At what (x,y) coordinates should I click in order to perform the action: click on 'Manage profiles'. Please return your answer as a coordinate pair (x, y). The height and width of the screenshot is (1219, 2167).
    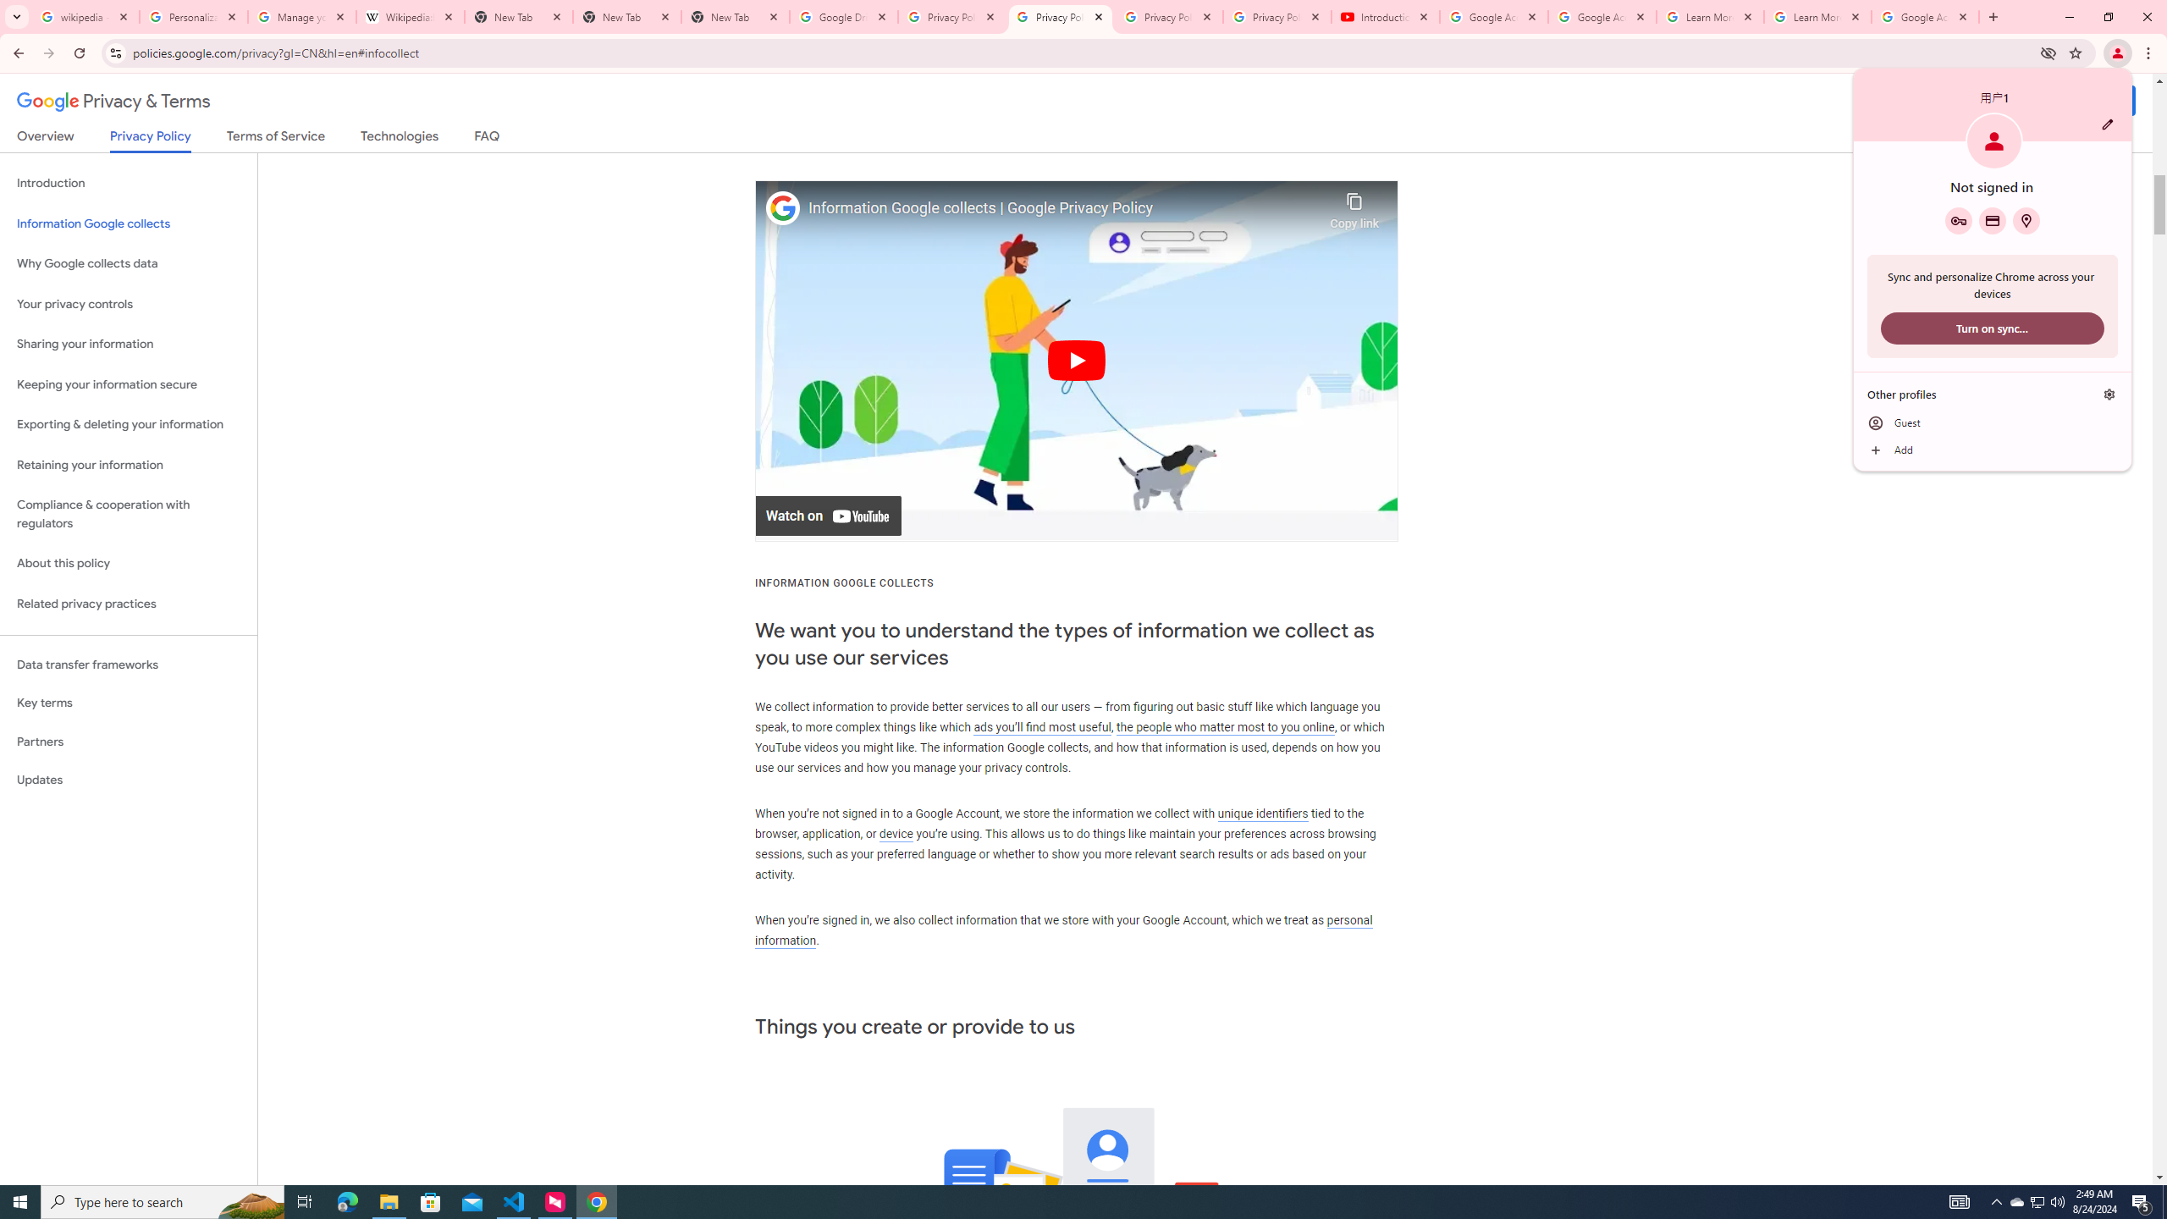
    Looking at the image, I should click on (2109, 394).